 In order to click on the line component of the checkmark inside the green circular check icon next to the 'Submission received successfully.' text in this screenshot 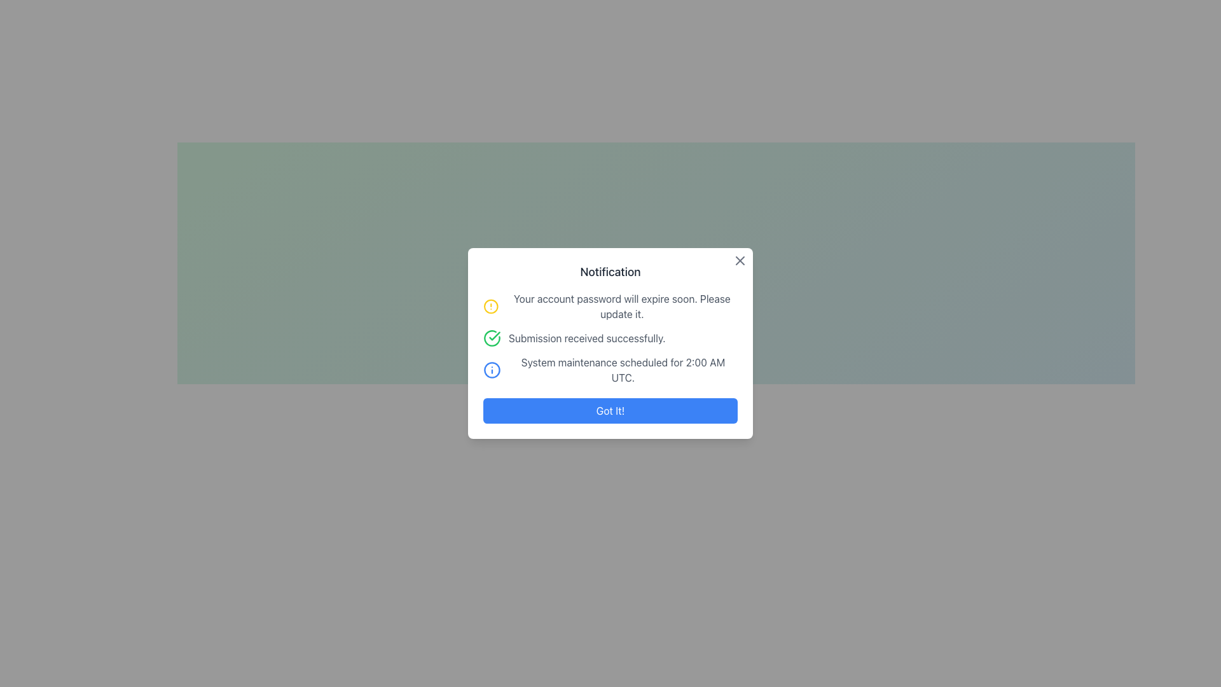, I will do `click(493, 335)`.